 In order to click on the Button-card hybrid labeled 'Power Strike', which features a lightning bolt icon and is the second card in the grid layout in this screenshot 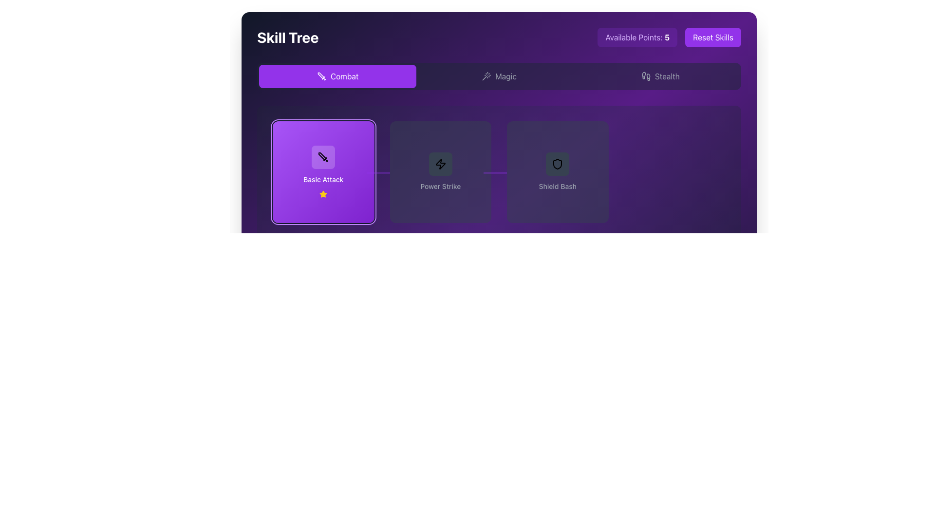, I will do `click(440, 171)`.